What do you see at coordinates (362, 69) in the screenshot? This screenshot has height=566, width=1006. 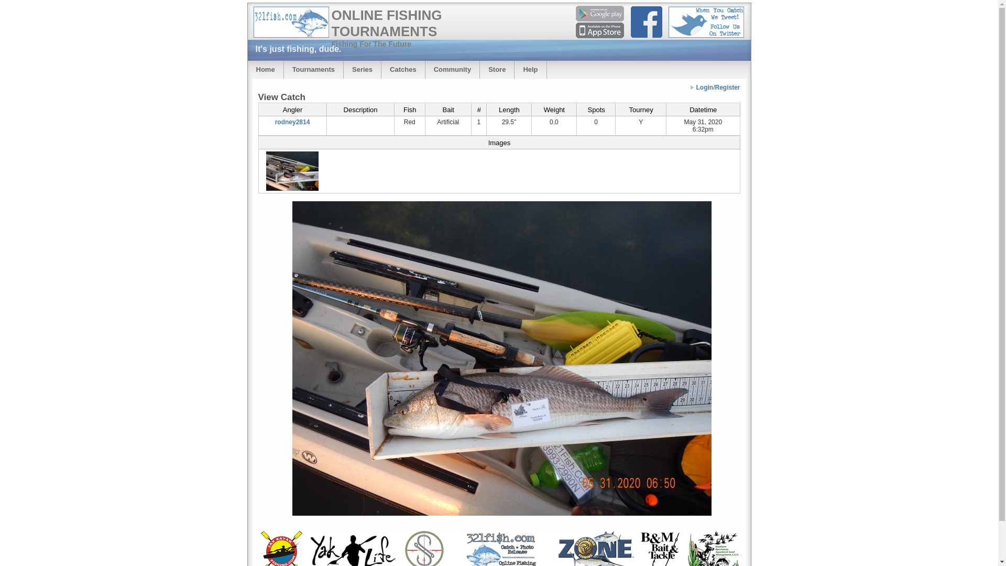 I see `'Series'` at bounding box center [362, 69].